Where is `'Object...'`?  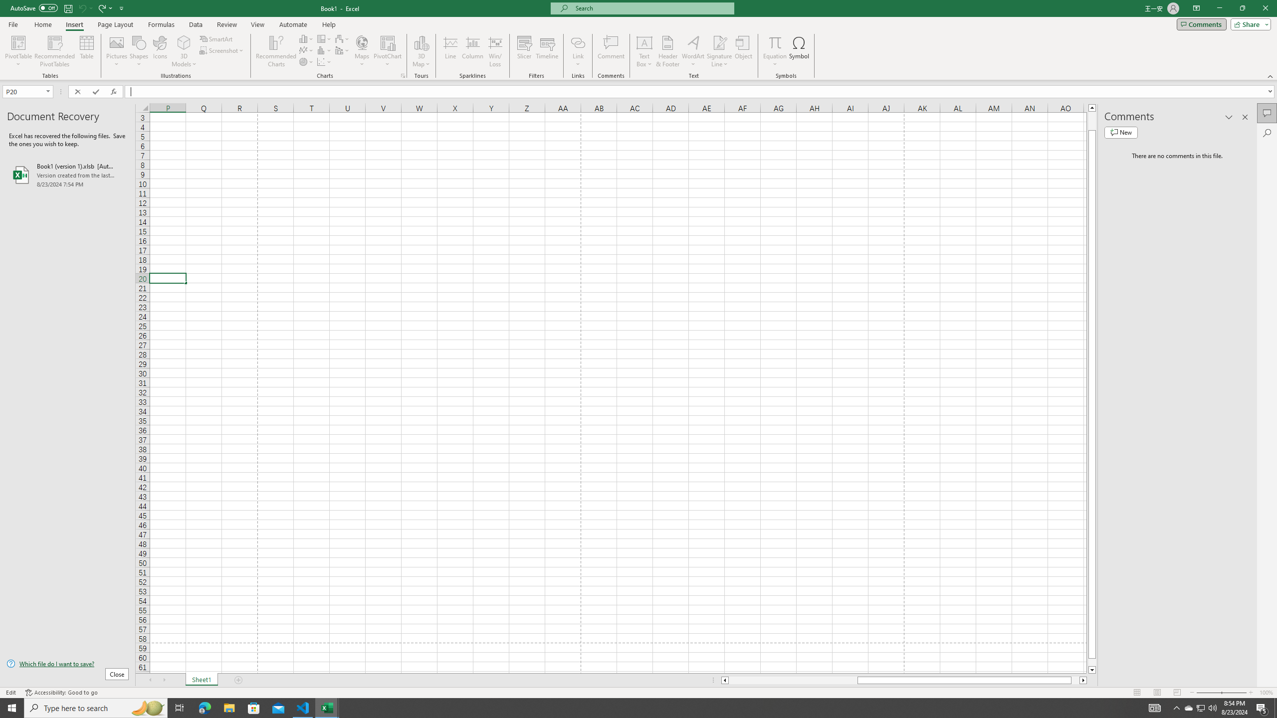
'Object...' is located at coordinates (744, 51).